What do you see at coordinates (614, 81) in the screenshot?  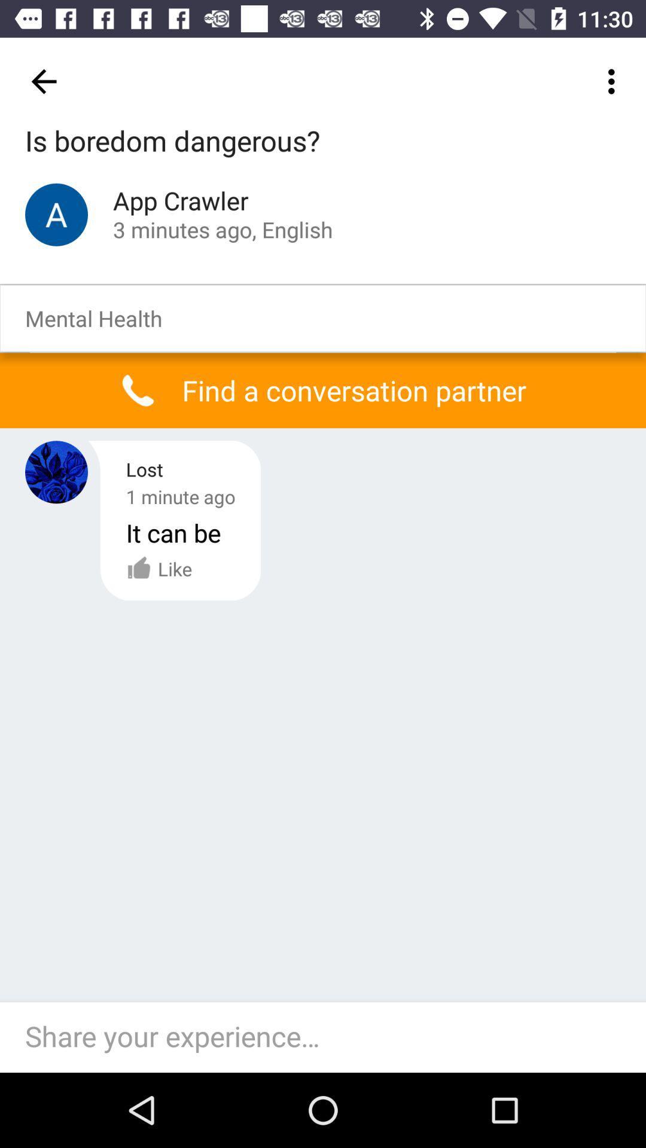 I see `the icon at the top right corner` at bounding box center [614, 81].